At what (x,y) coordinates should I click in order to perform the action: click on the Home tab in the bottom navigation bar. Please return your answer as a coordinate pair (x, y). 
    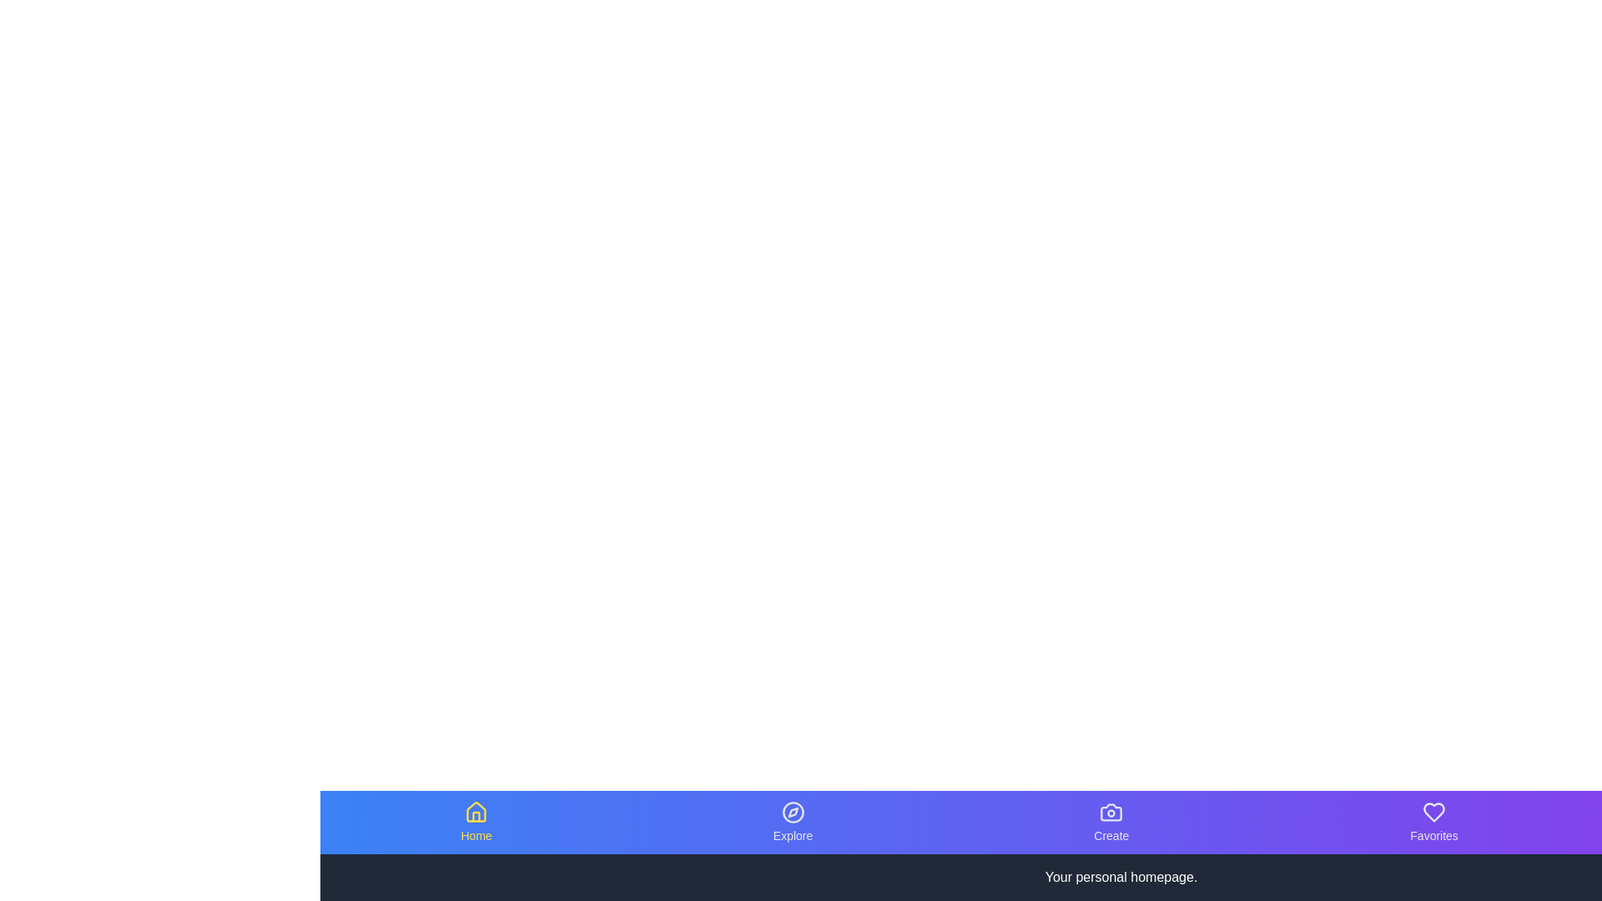
    Looking at the image, I should click on (476, 822).